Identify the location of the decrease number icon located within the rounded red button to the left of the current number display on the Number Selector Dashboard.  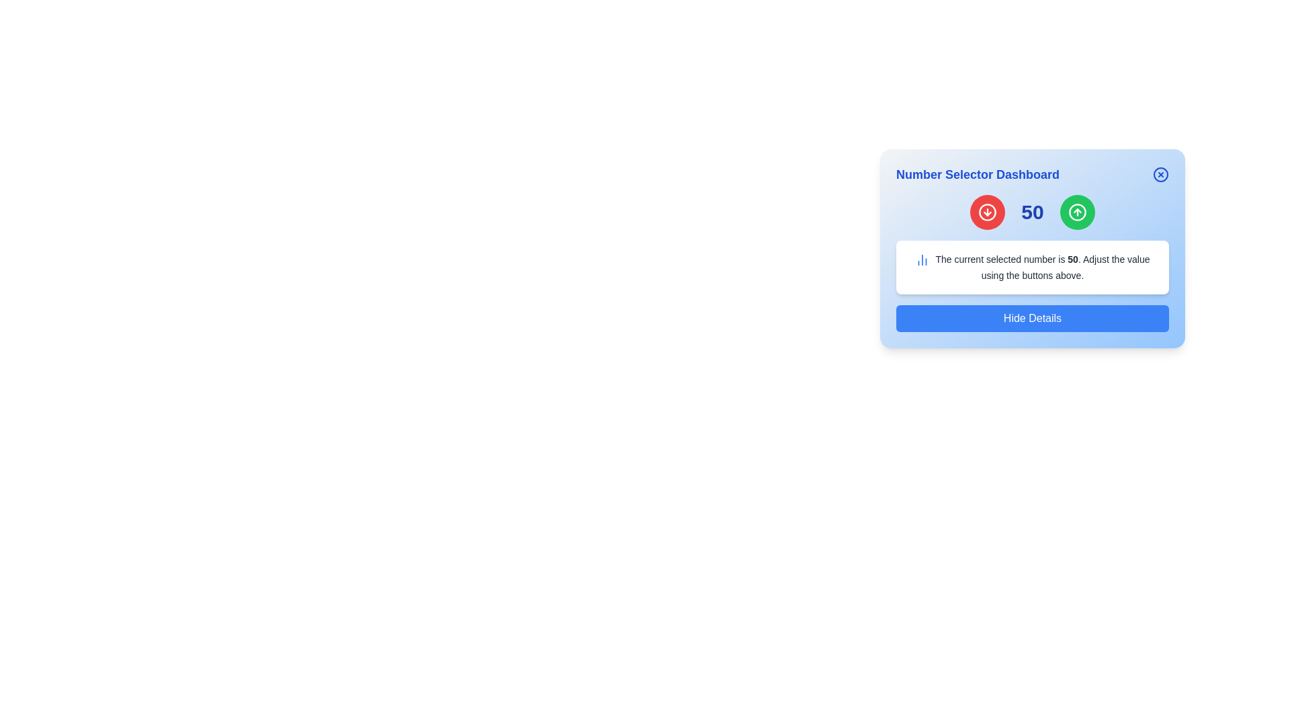
(988, 212).